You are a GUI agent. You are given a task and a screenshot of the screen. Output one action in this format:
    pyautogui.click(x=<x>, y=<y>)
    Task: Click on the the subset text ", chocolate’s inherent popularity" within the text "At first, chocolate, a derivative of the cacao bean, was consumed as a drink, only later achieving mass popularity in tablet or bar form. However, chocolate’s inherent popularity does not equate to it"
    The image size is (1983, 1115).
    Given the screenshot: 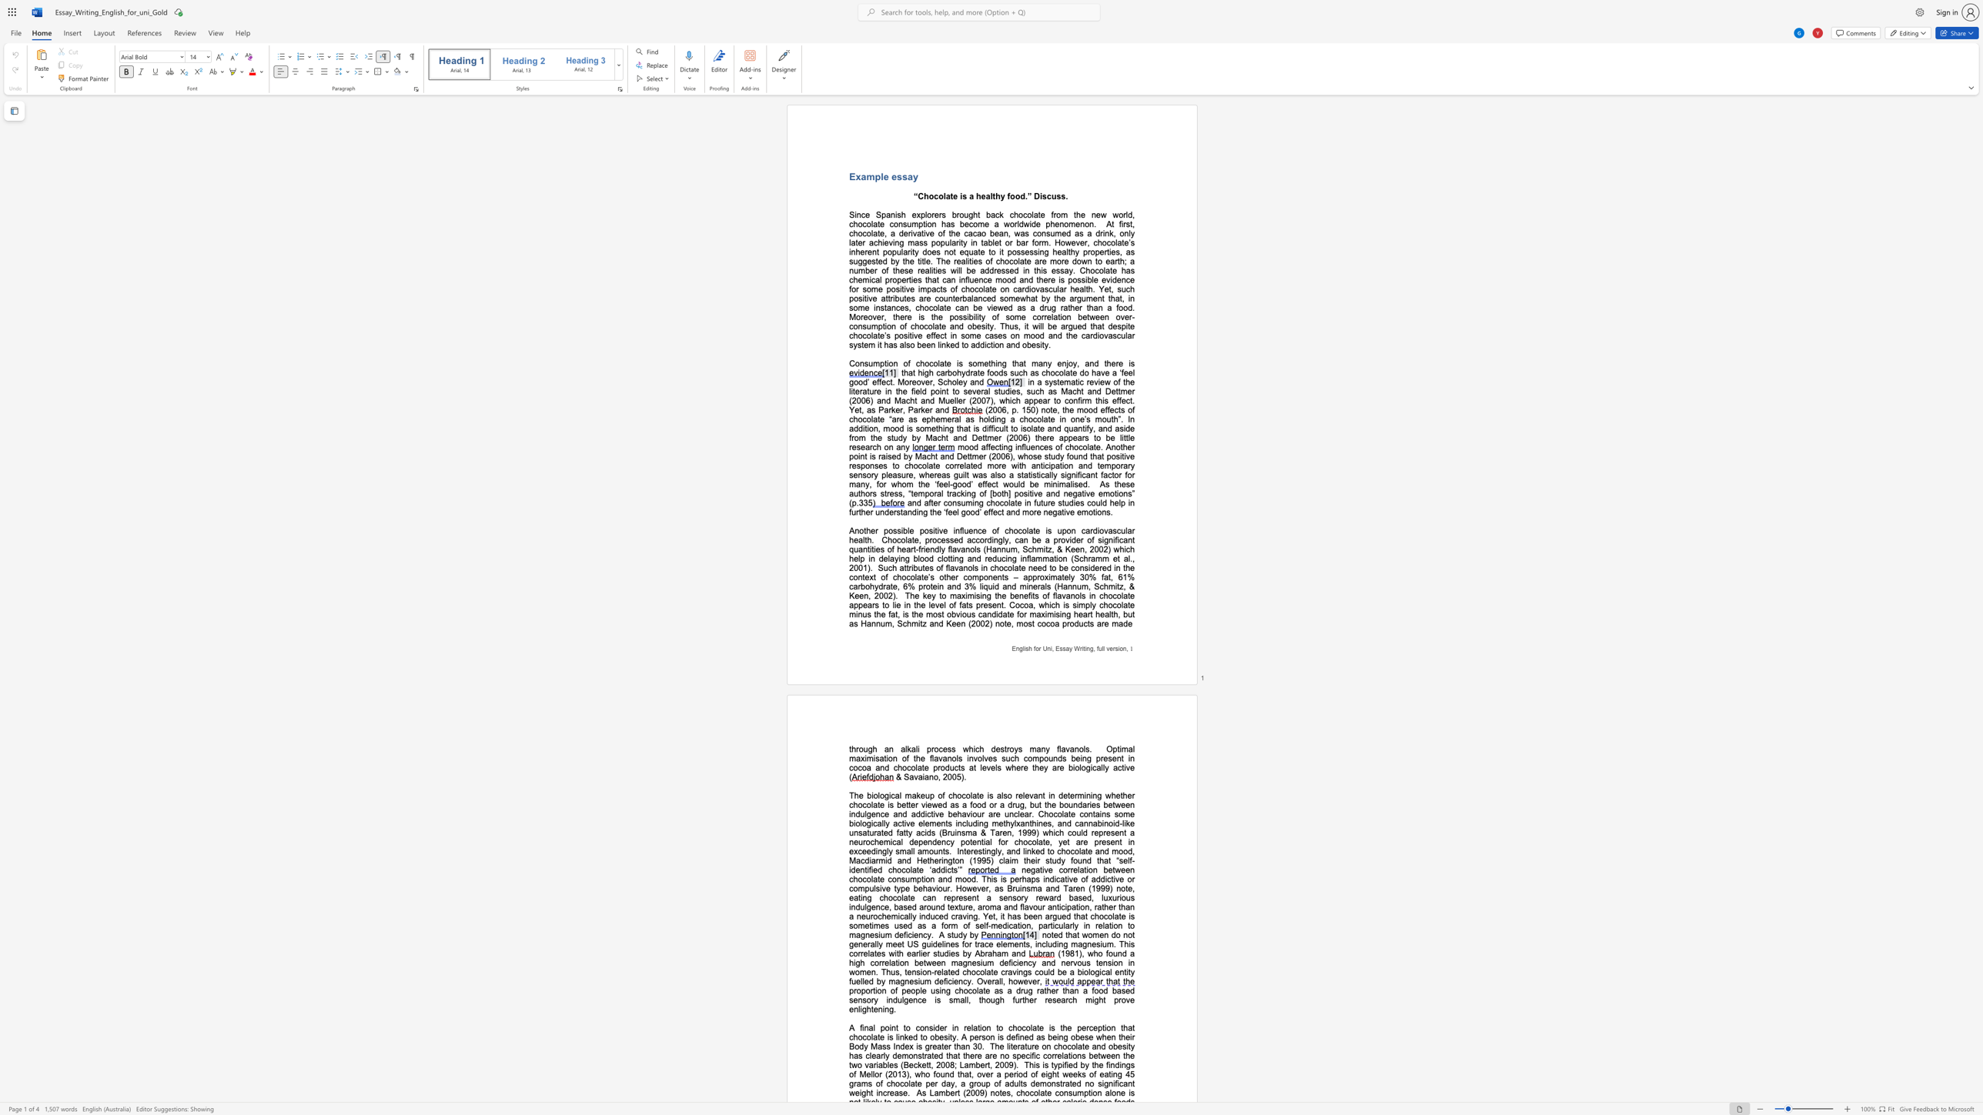 What is the action you would take?
    pyautogui.click(x=1087, y=242)
    